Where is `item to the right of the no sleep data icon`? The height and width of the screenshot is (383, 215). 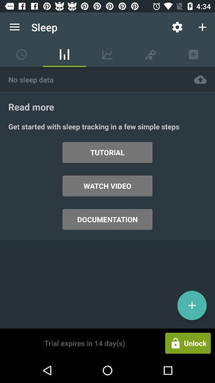 item to the right of the no sleep data icon is located at coordinates (200, 79).